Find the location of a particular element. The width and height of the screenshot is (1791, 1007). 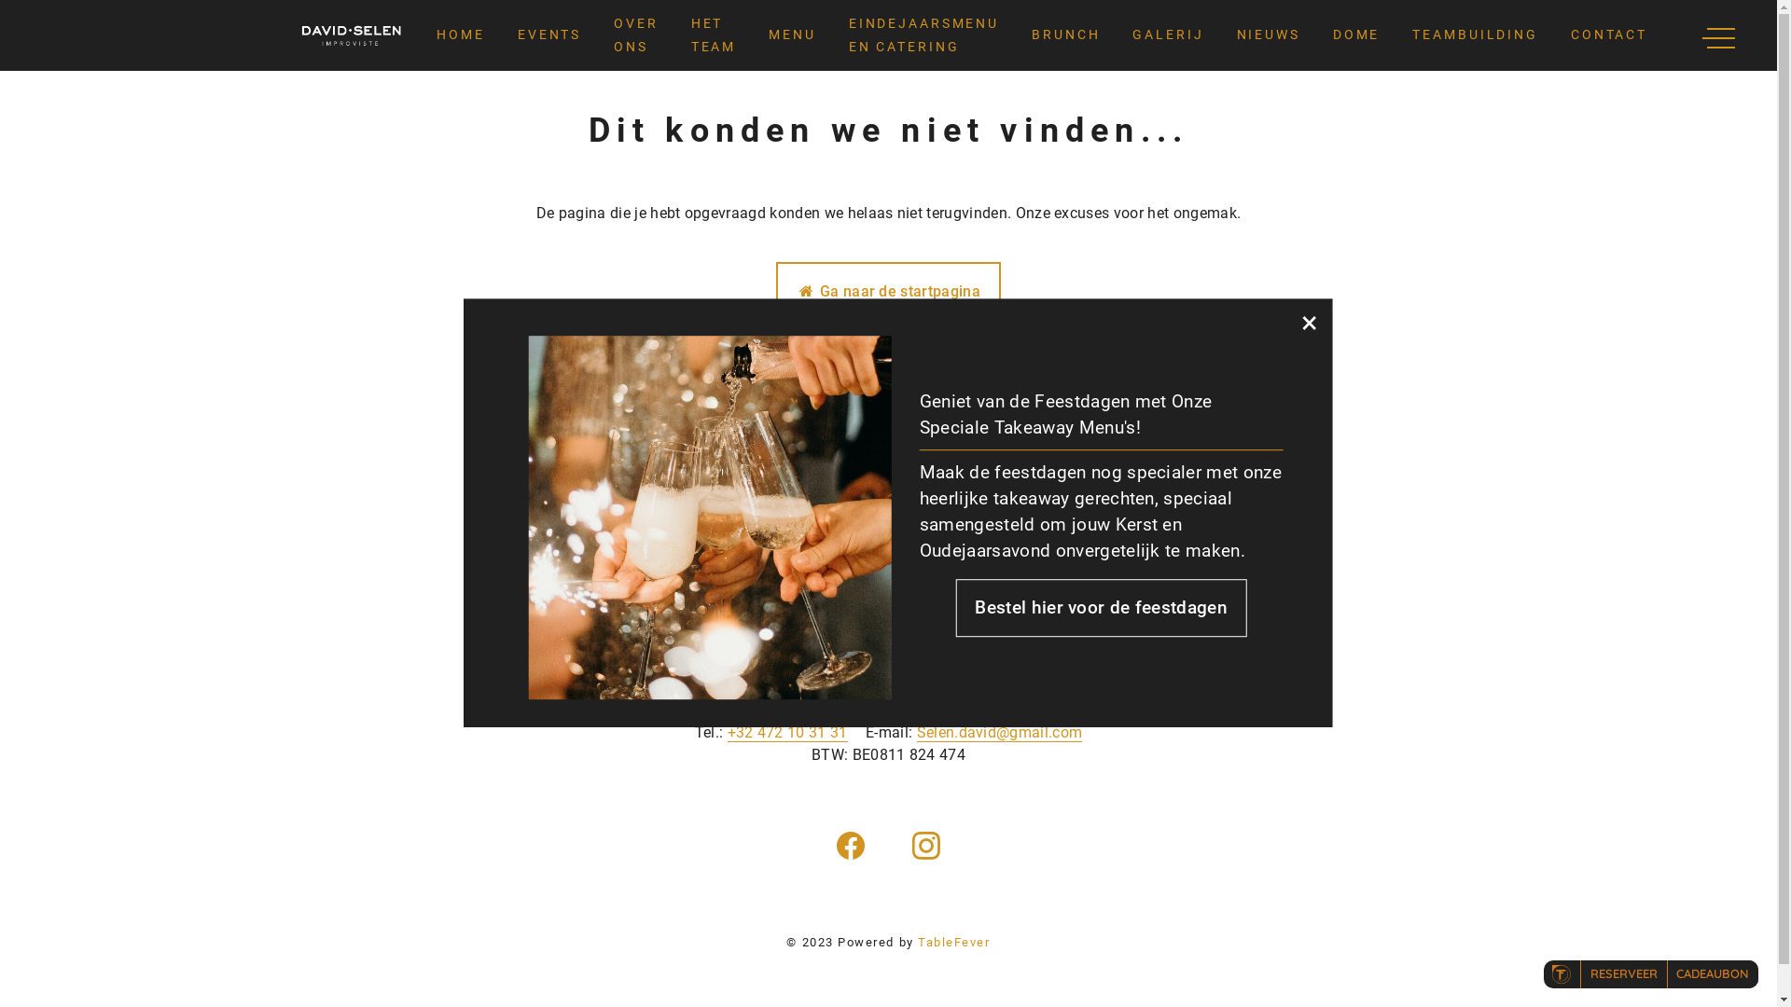

'MENU' is located at coordinates (792, 35).